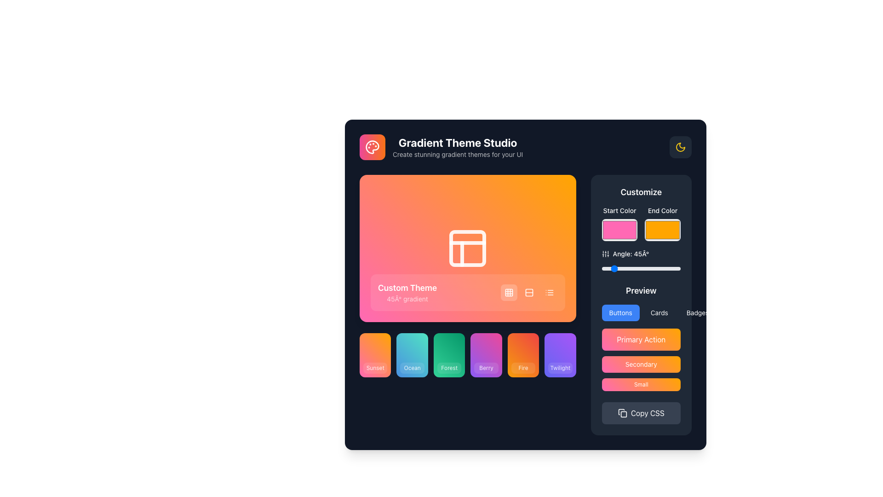 This screenshot has height=497, width=883. I want to click on the text label reading 'End Color' in the 'Customize' section, positioned at the top right of the interface, so click(663, 211).